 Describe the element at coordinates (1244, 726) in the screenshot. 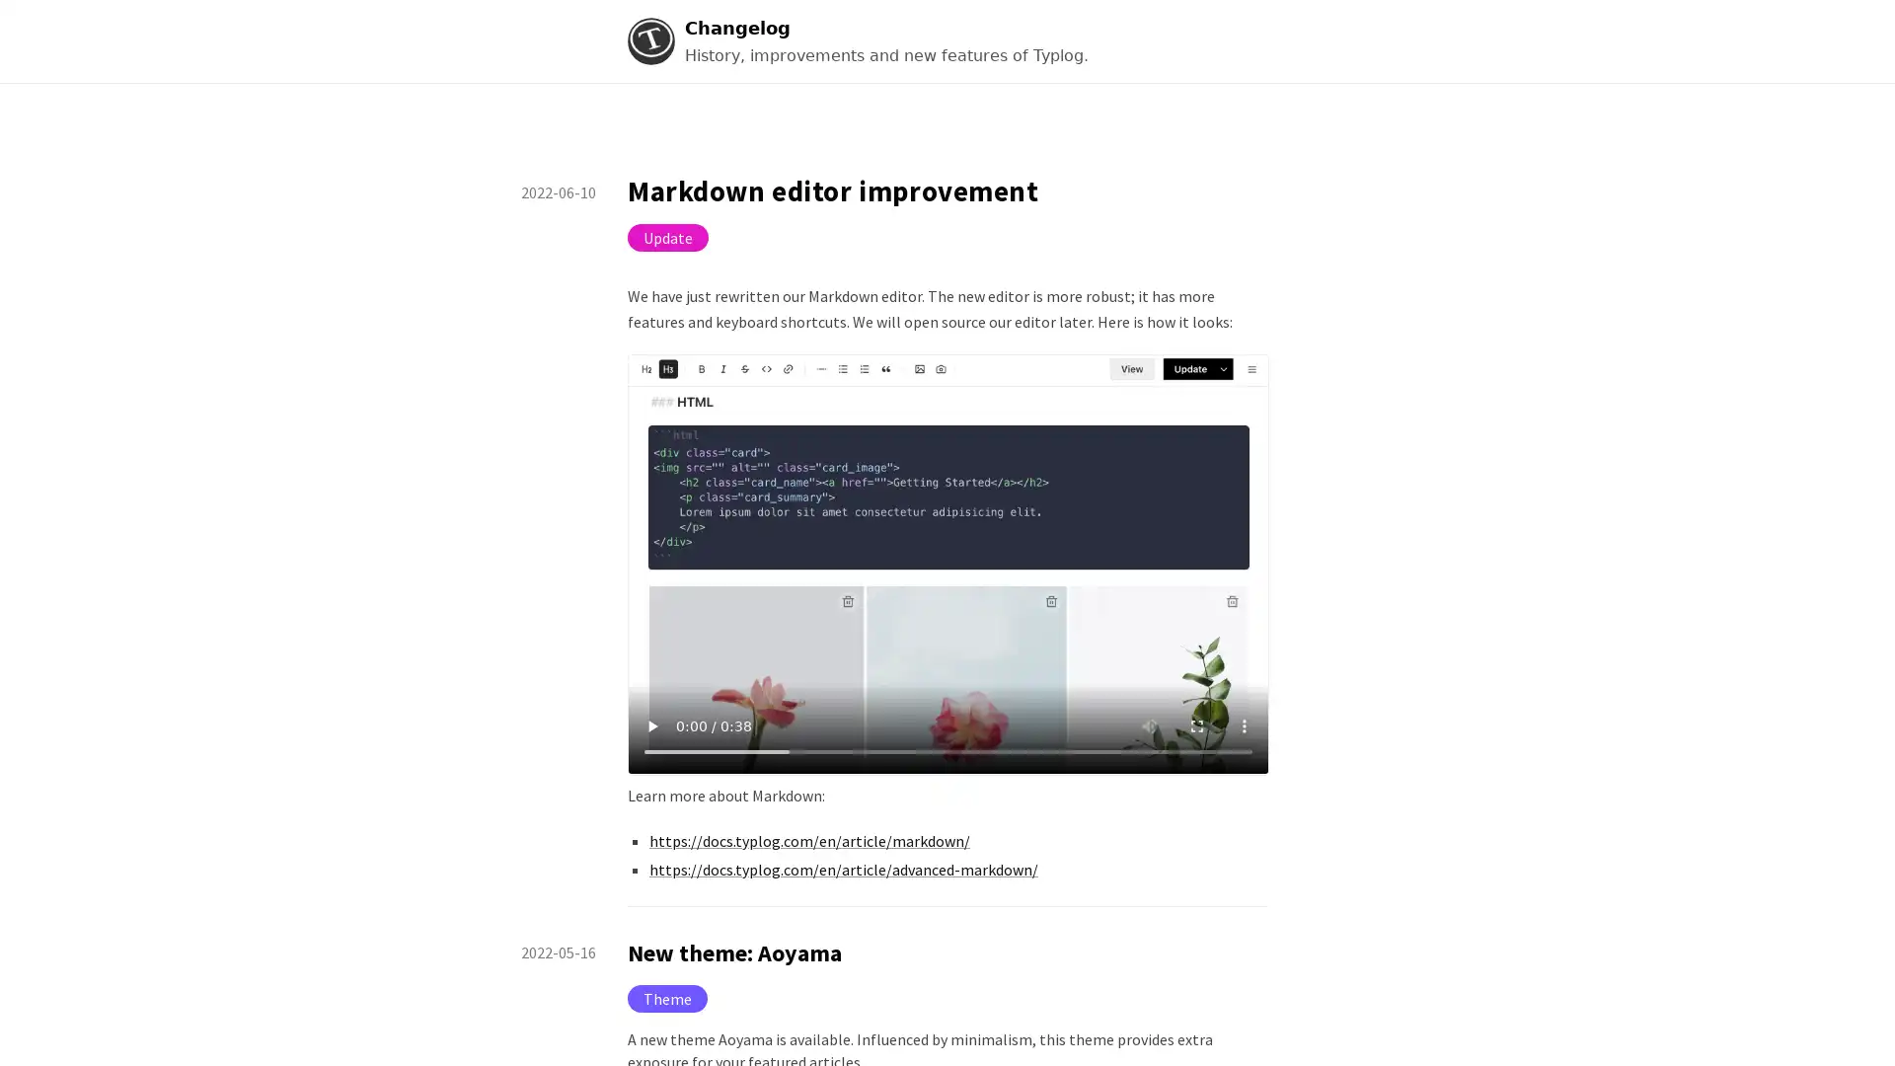

I see `show more media controls` at that location.